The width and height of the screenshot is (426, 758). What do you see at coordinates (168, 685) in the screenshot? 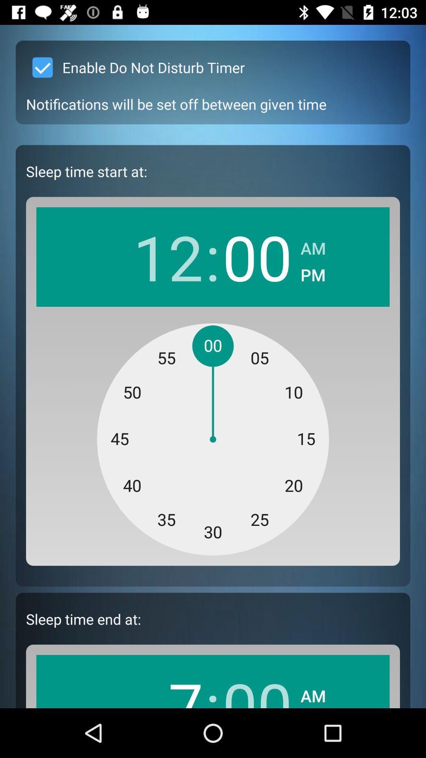
I see `app below the sleep time end app` at bounding box center [168, 685].